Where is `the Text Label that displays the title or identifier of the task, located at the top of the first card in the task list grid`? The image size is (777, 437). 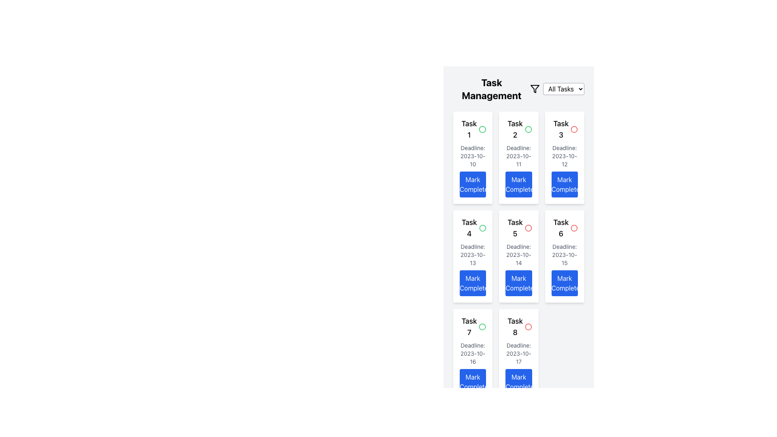
the Text Label that displays the title or identifier of the task, located at the top of the first card in the task list grid is located at coordinates (469, 129).